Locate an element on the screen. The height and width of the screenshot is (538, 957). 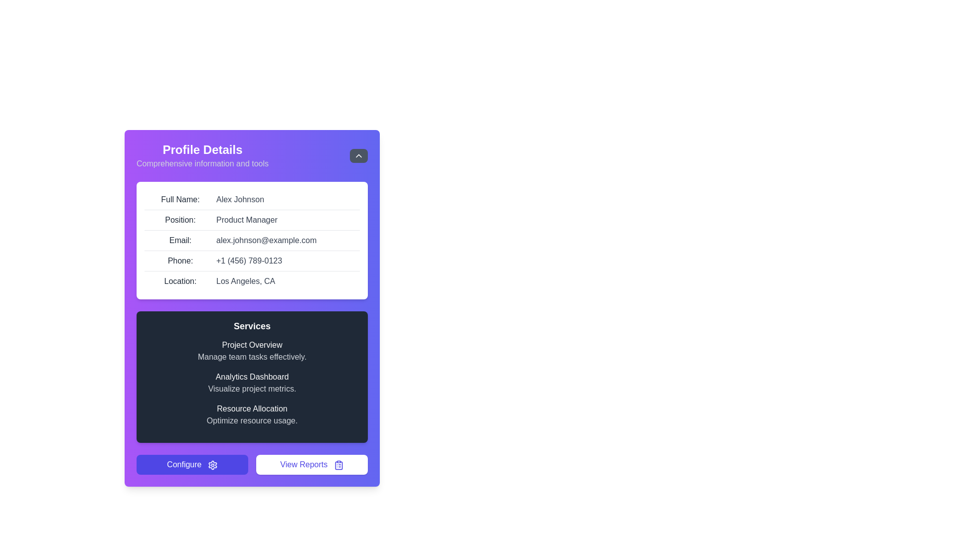
the 'Analytics Dashboard' text label, which is displayed in white font on a dark background, positioned below 'Project Overview' and above 'Resource Allocation' in the 'Services' section is located at coordinates (252, 377).